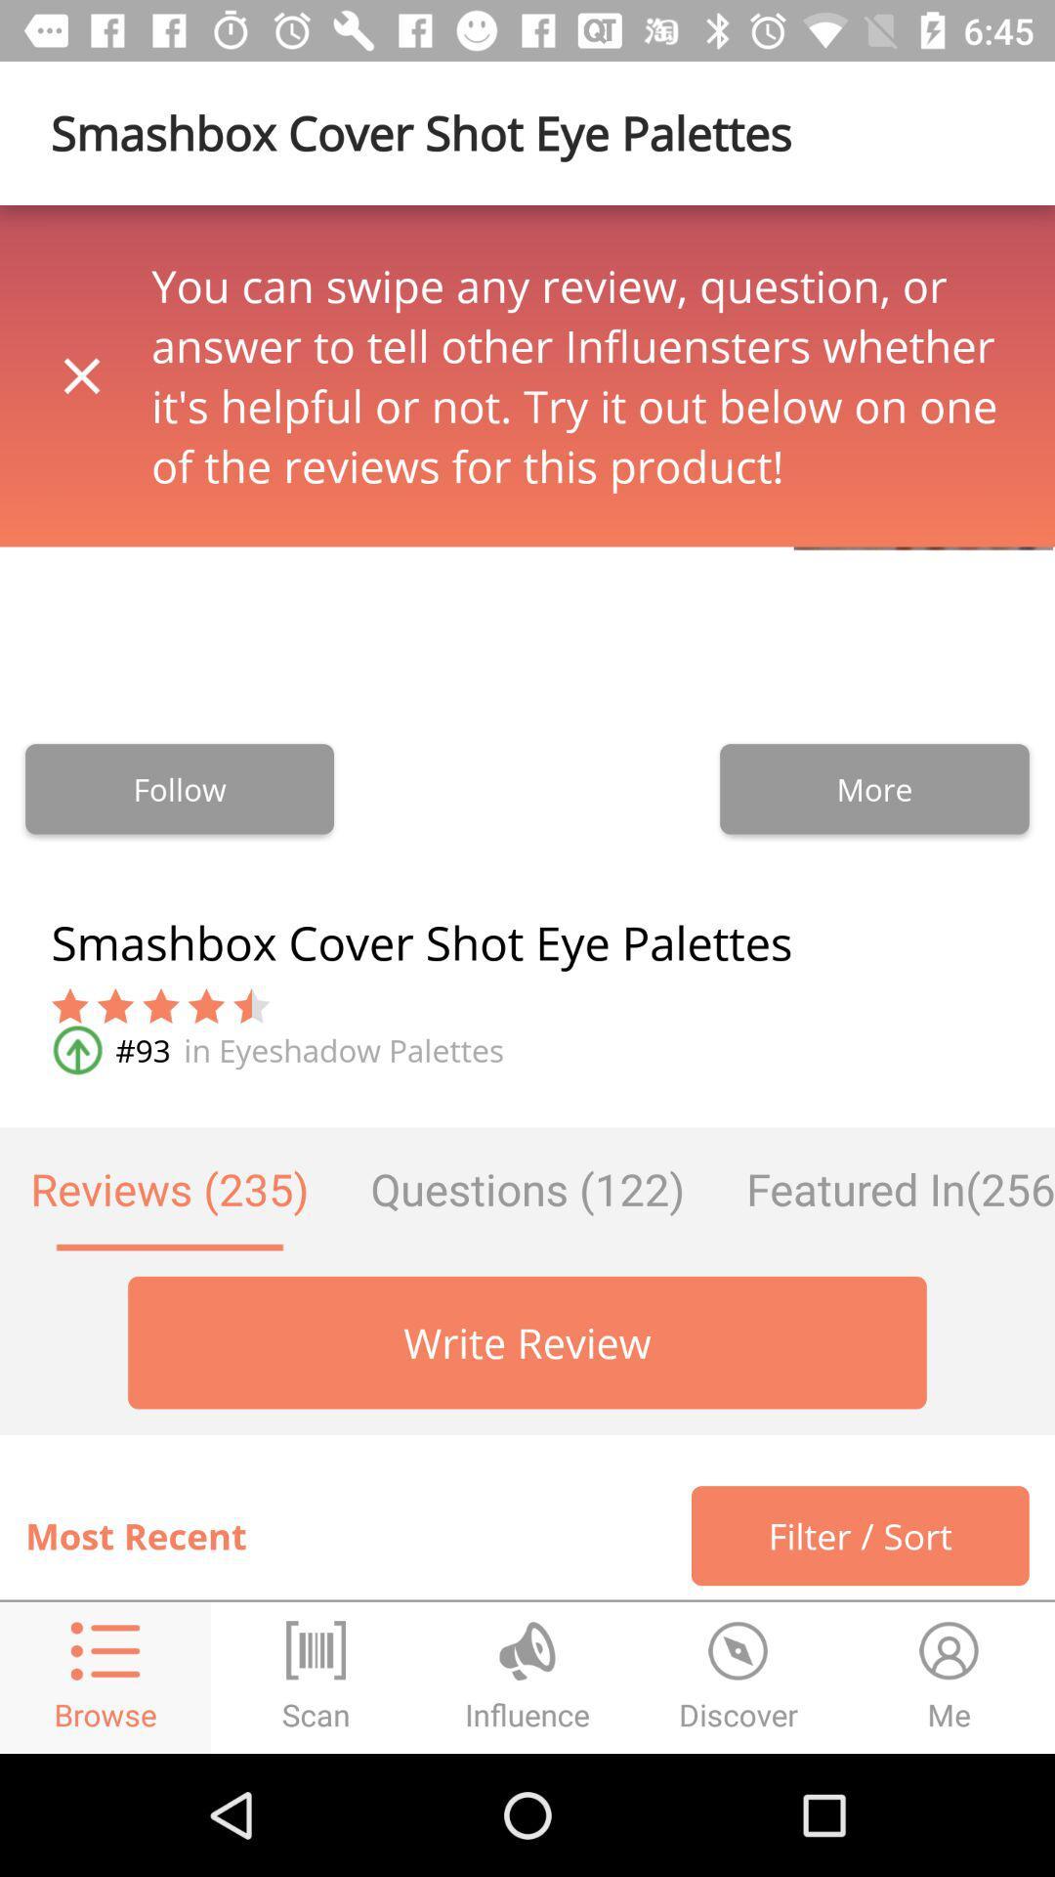 The height and width of the screenshot is (1877, 1055). I want to click on the globe icon, so click(527, 1677).